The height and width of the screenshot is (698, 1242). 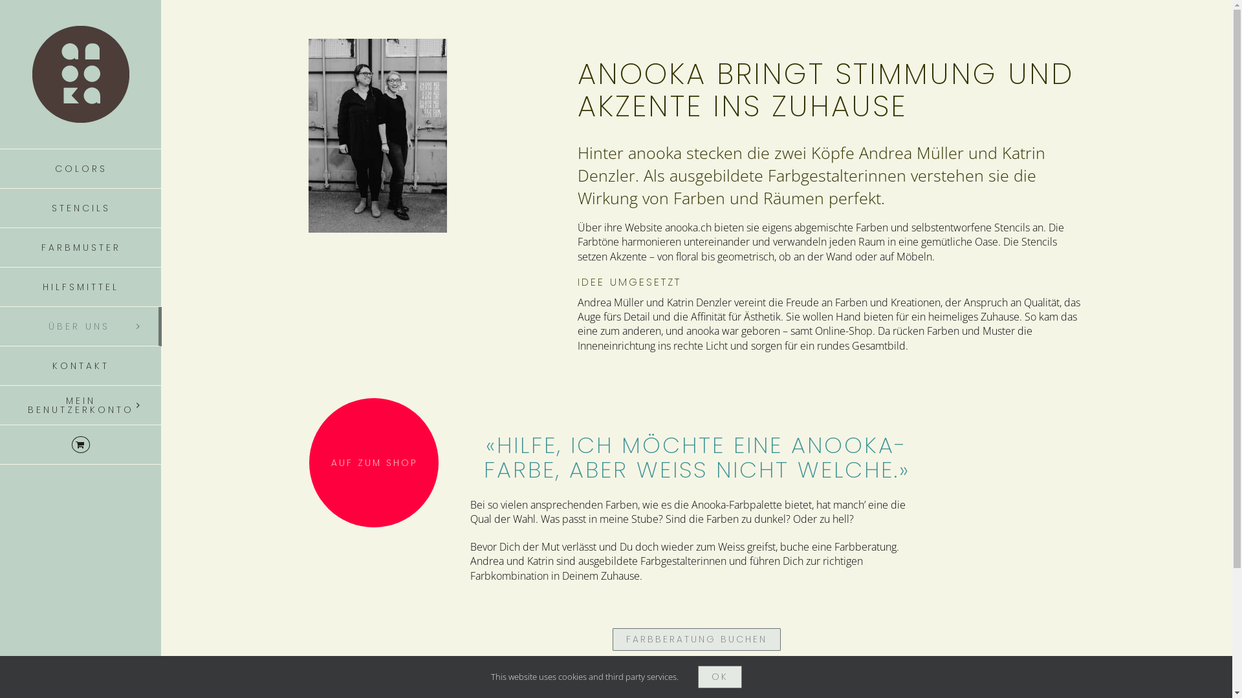 I want to click on 'STENCILS', so click(x=80, y=207).